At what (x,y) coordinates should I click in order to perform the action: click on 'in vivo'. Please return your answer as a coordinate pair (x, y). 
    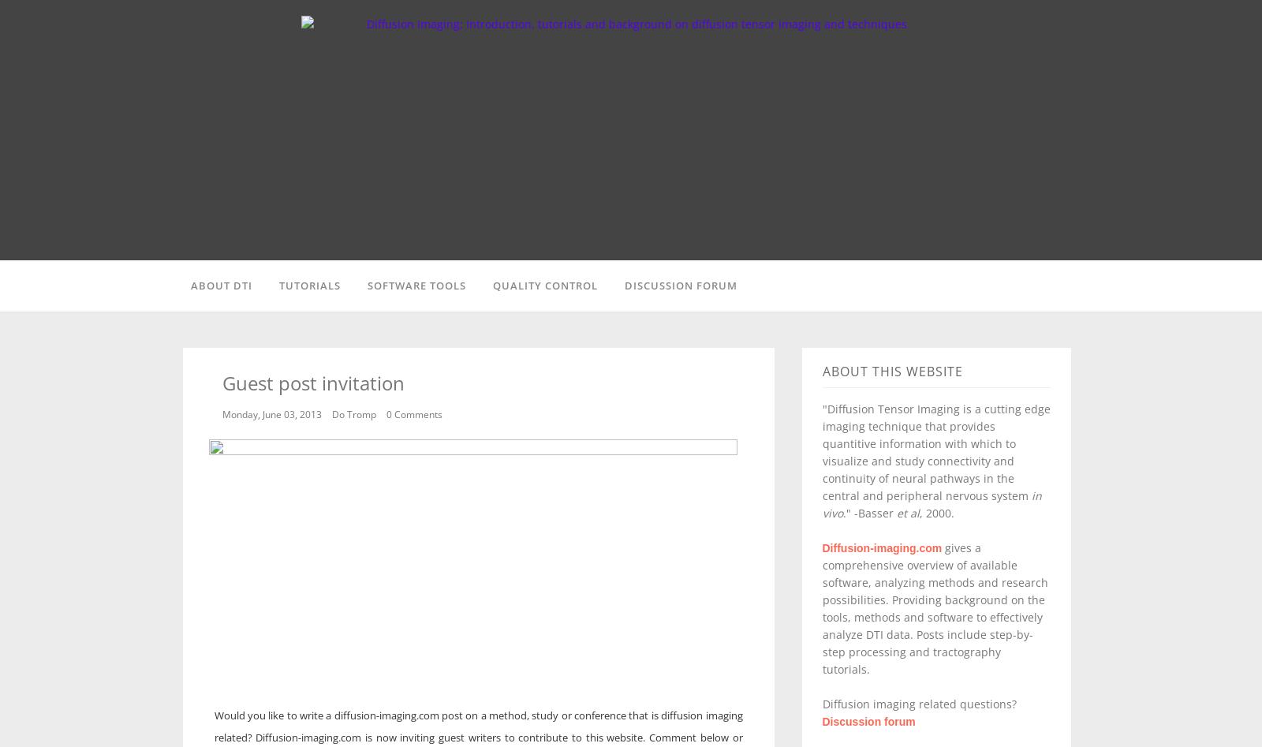
    Looking at the image, I should click on (931, 504).